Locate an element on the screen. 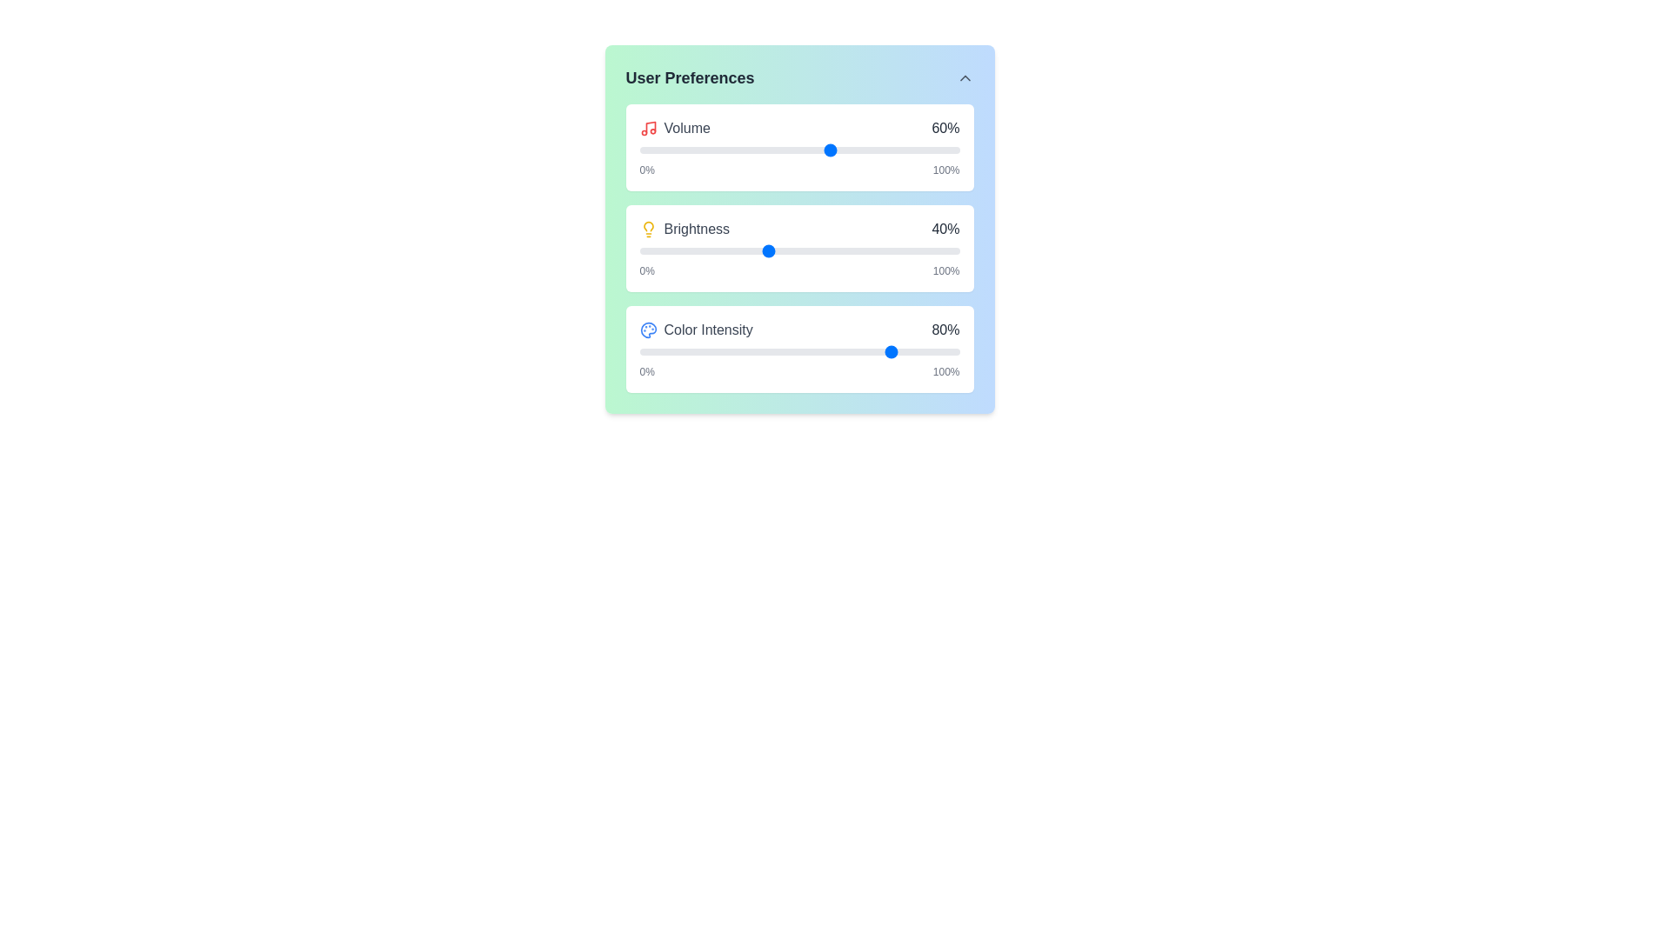 This screenshot has height=939, width=1670. brightness is located at coordinates (671, 251).